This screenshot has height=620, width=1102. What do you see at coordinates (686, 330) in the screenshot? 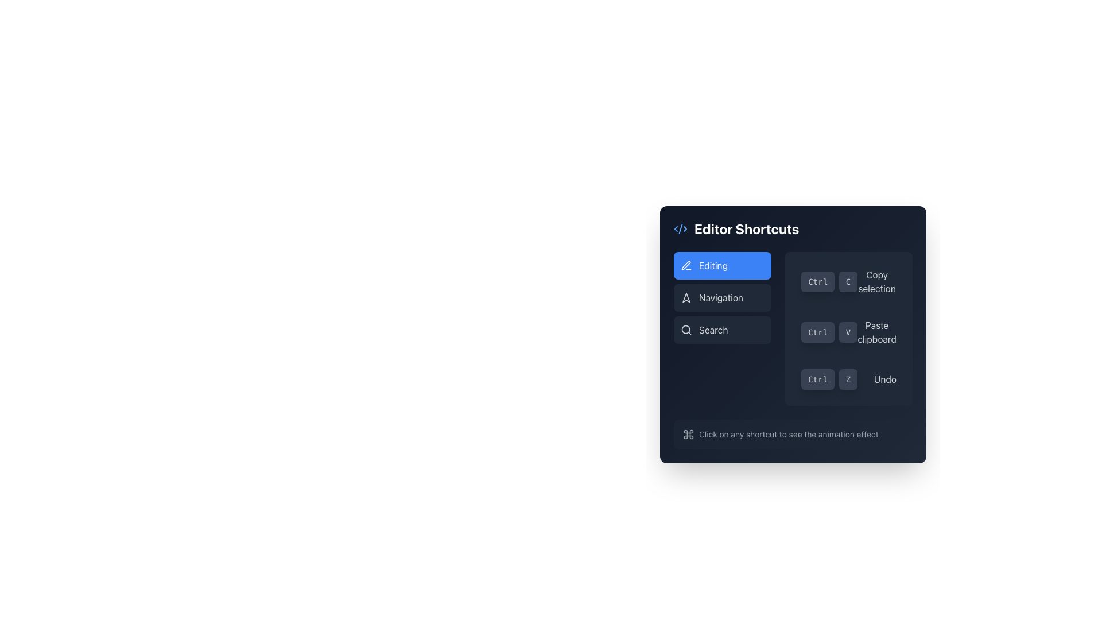
I see `the small magnifying glass icon representing the search function, which is part of the button labeled 'Search' in the 'Editor Shortcuts' list` at bounding box center [686, 330].